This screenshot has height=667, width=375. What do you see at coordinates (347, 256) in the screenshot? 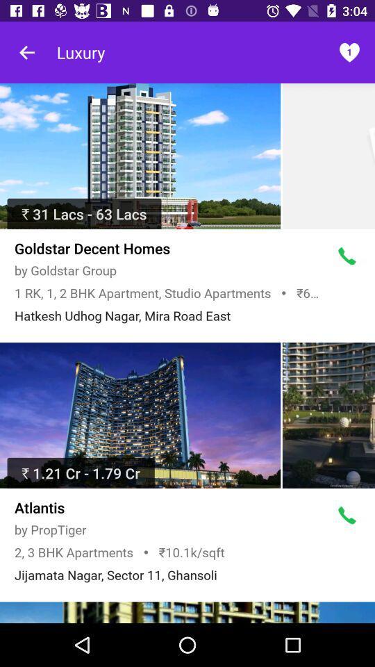
I see `call business` at bounding box center [347, 256].